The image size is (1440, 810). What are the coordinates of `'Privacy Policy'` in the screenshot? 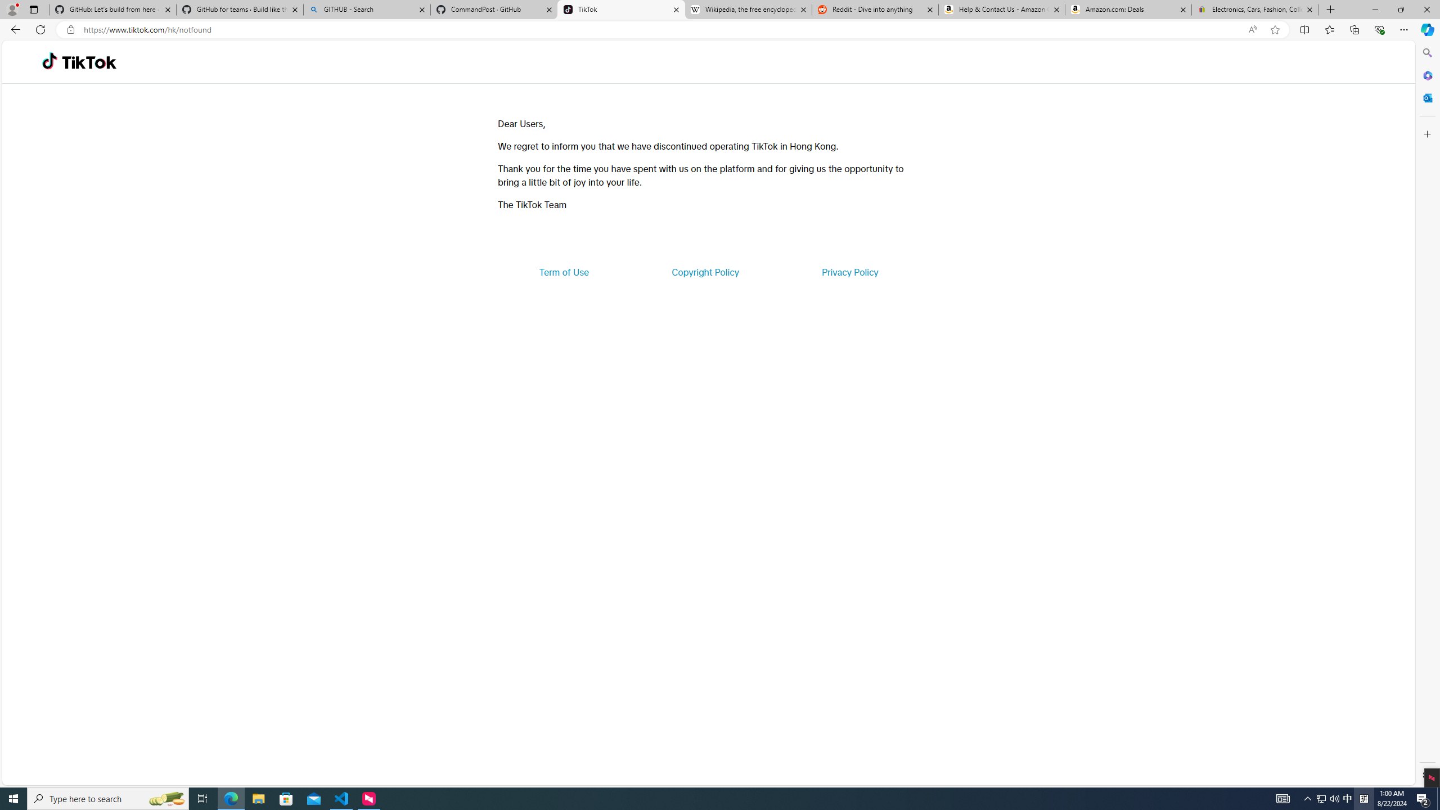 It's located at (849, 271).